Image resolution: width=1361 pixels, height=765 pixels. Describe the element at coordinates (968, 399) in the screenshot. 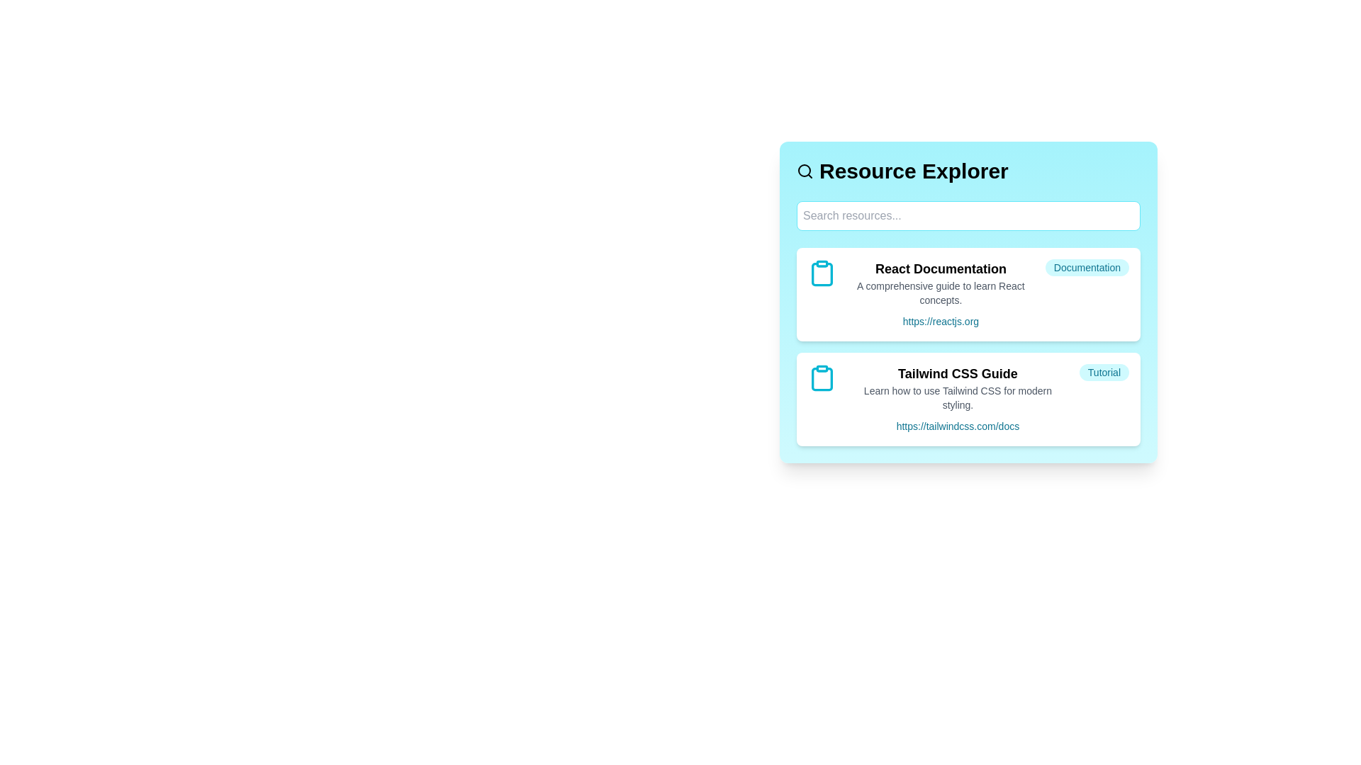

I see `the resource card for Tailwind CSS Guide` at that location.